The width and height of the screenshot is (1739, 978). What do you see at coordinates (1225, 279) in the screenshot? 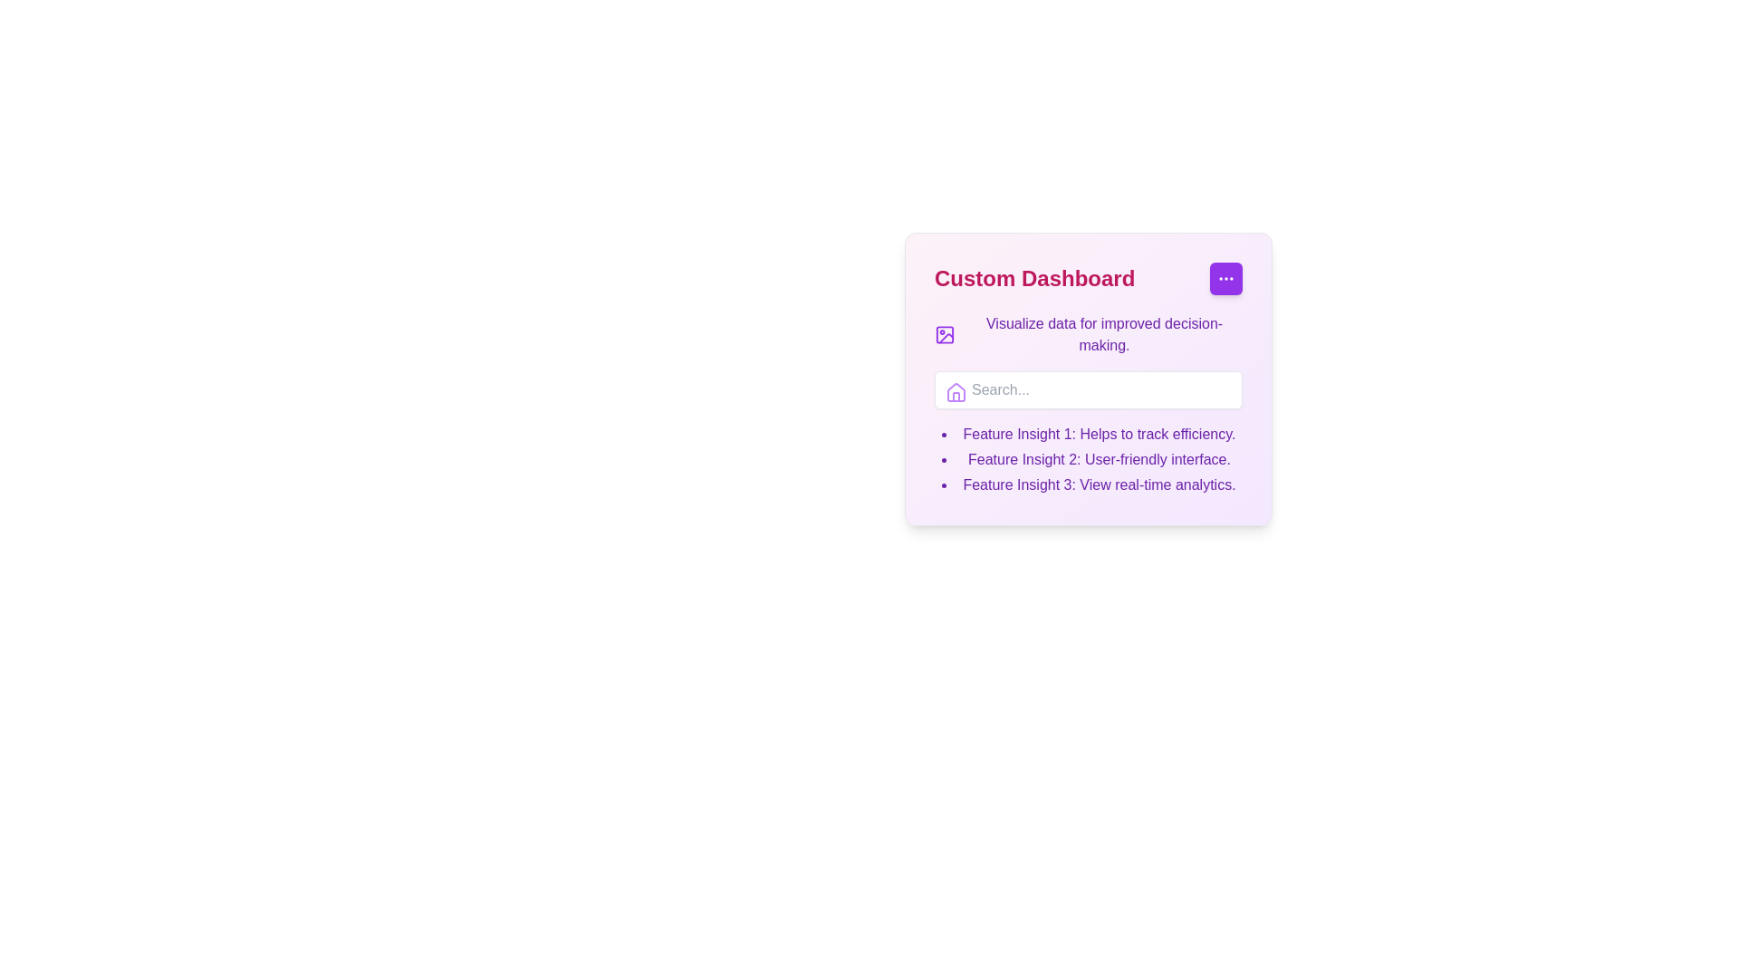
I see `the small, square button with a purple background and white ellipsis icon in the top right corner of the 'Custom Dashboard' panel to trigger a tooltip` at bounding box center [1225, 279].